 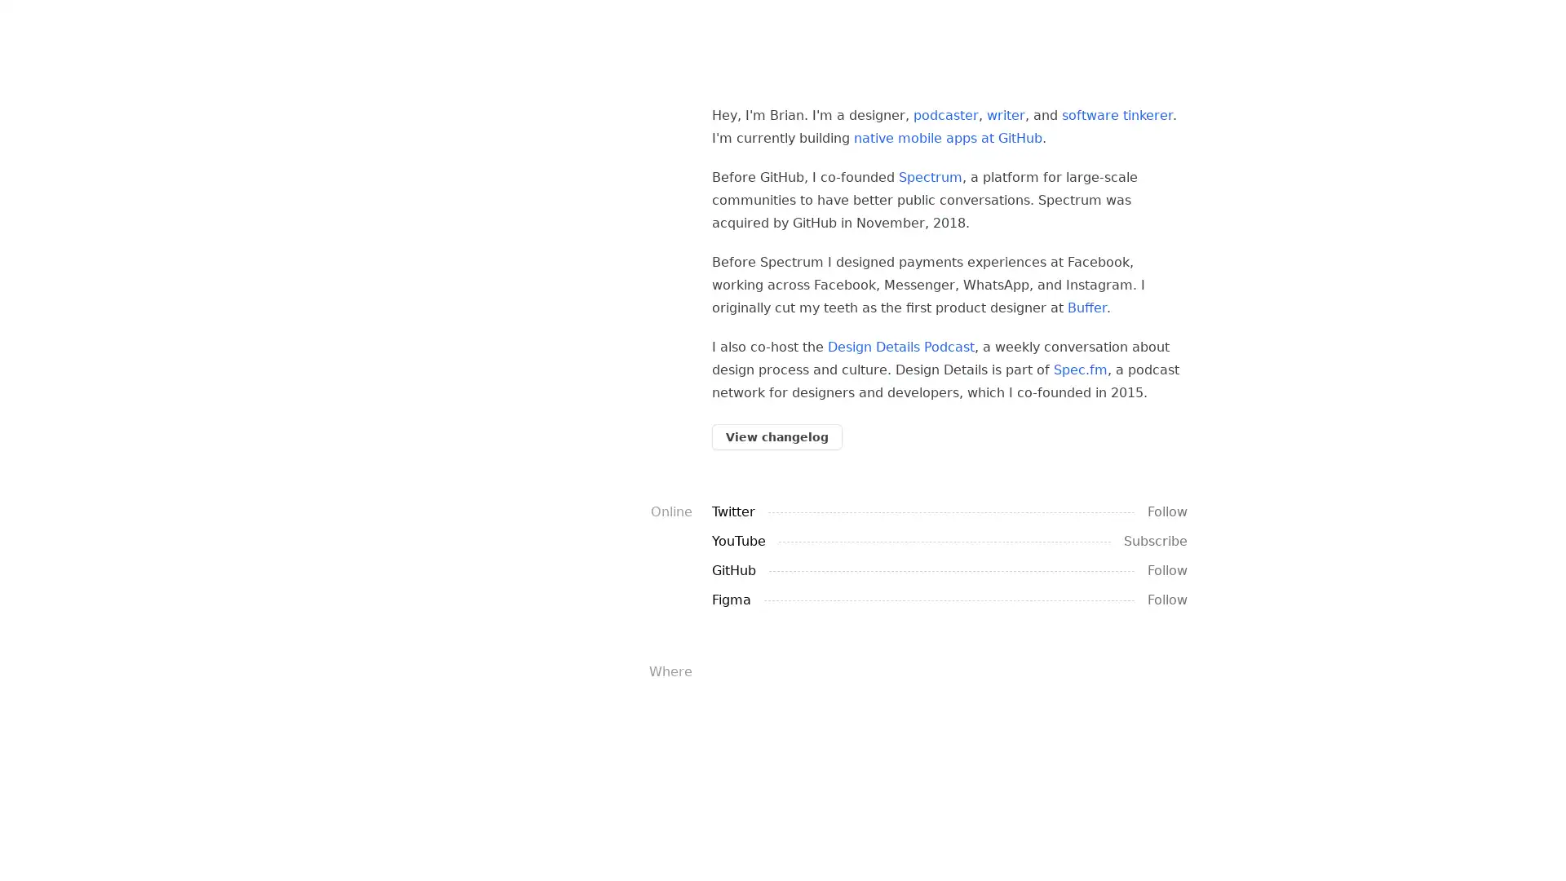 What do you see at coordinates (116, 861) in the screenshot?
I see `Sign in` at bounding box center [116, 861].